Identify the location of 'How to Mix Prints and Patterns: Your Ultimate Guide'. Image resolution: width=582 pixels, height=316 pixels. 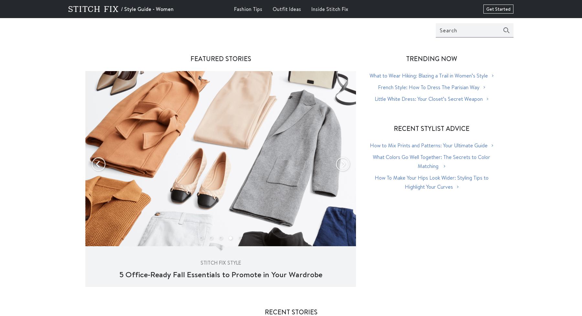
(429, 145).